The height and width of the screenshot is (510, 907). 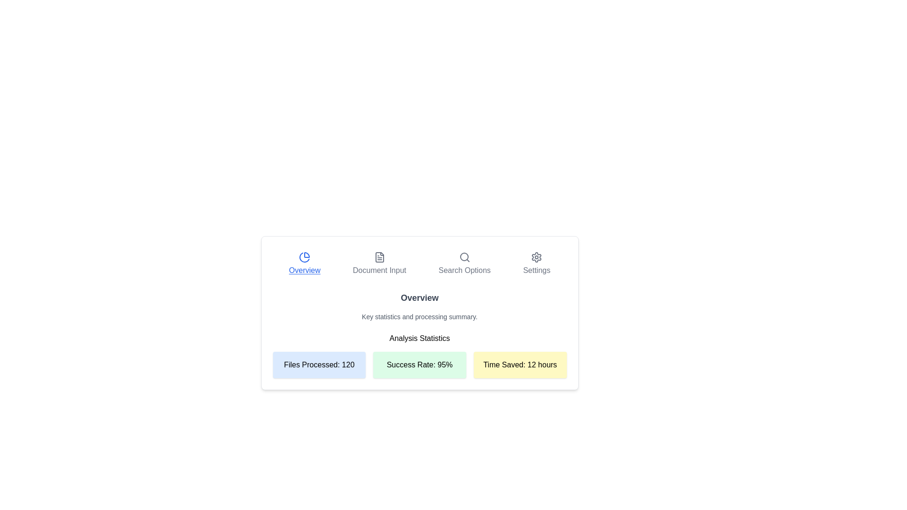 What do you see at coordinates (319, 364) in the screenshot?
I see `the Informational display component that shows 'Files Processed: 120', which is the first in a sequence of three components under the 'Analysis Statistics' header` at bounding box center [319, 364].